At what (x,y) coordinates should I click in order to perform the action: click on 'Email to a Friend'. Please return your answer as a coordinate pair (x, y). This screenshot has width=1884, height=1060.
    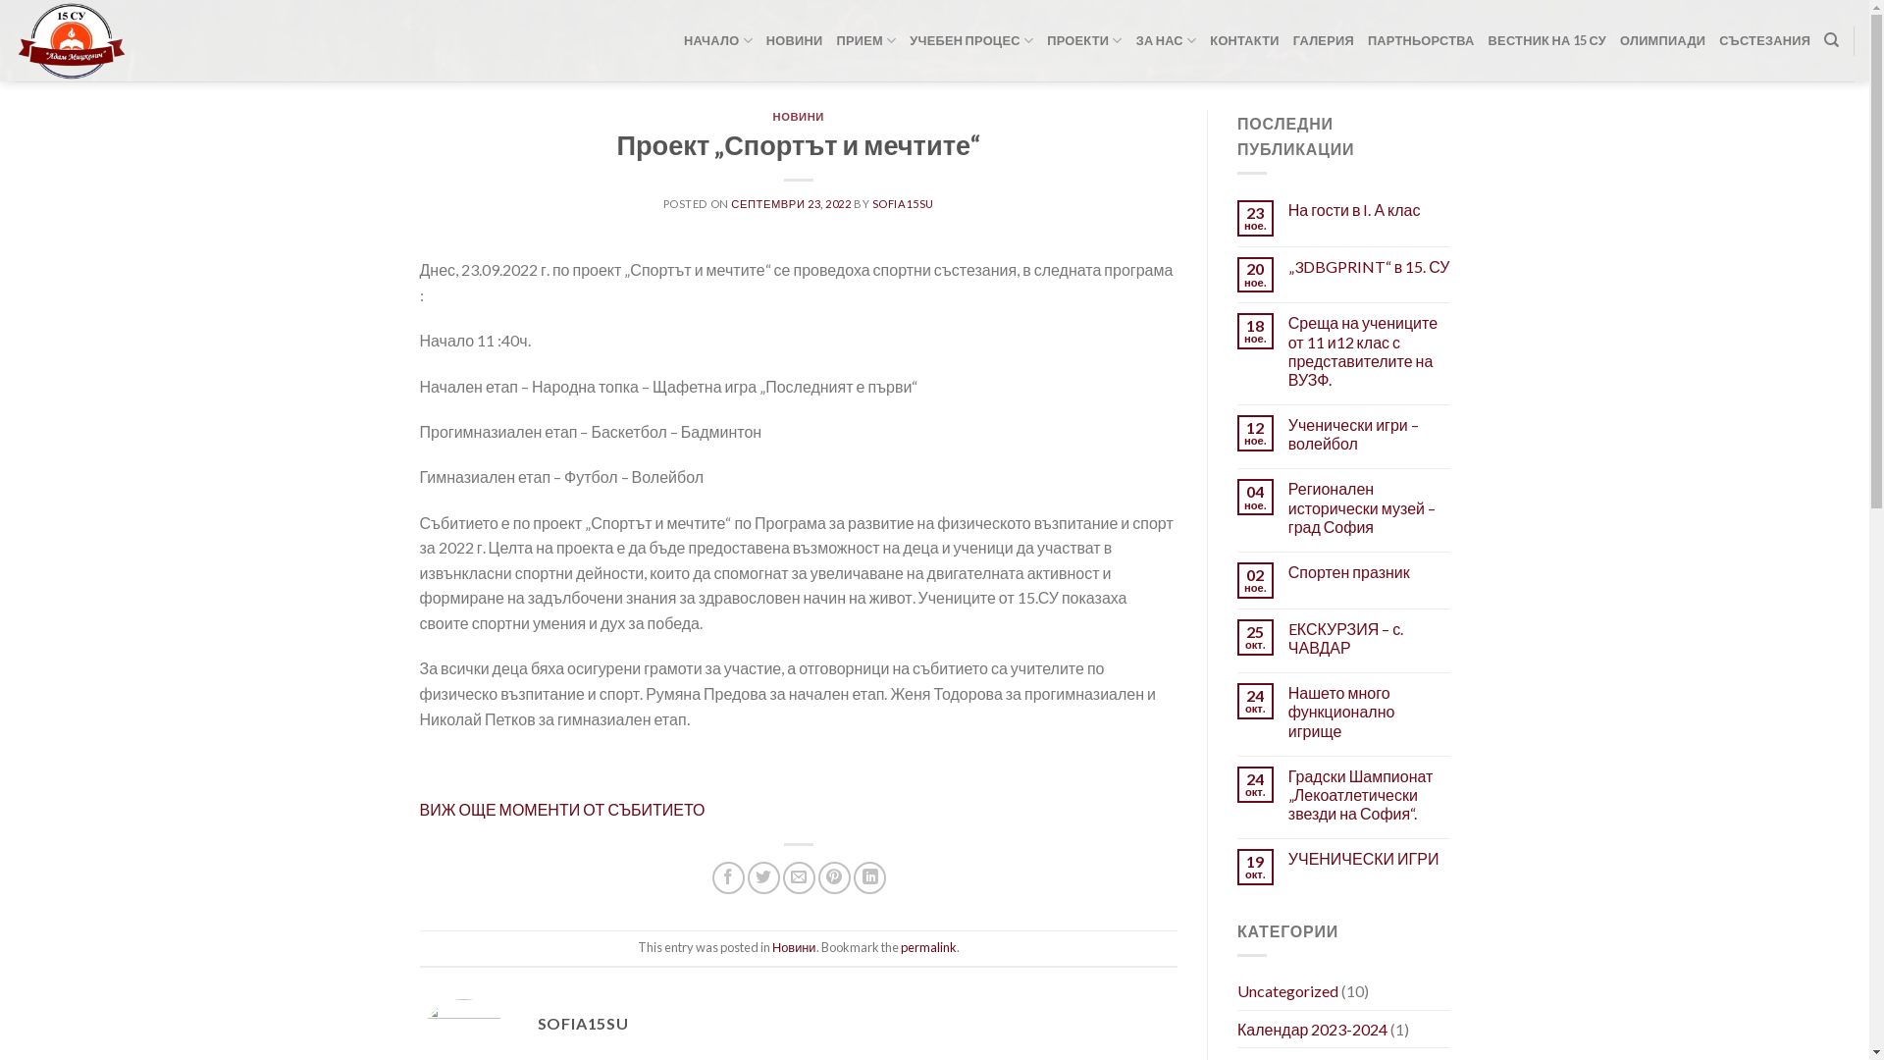
    Looking at the image, I should click on (799, 876).